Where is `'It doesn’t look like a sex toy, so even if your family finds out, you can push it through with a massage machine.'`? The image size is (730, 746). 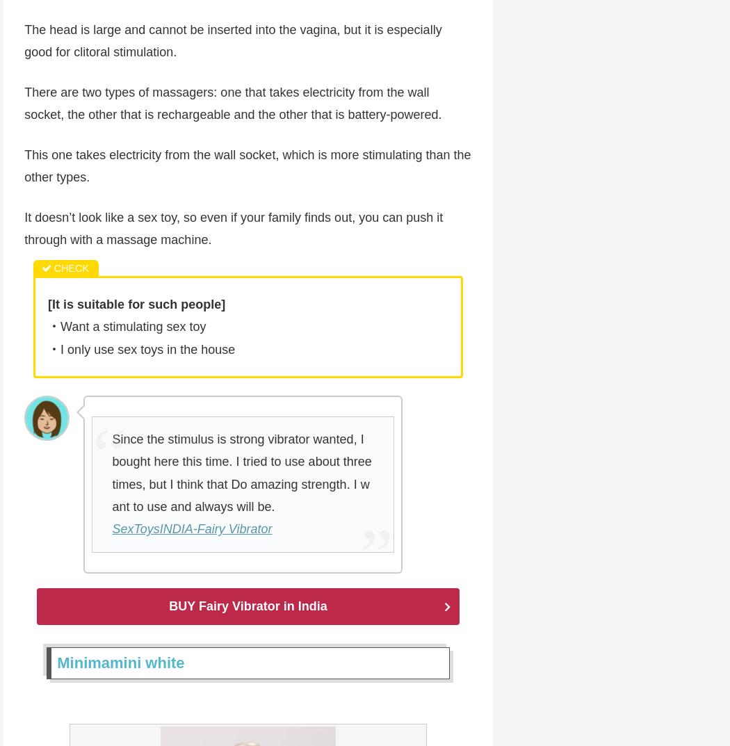
'It doesn’t look like a sex toy, so even if your family finds out, you can push it through with a massage machine.' is located at coordinates (234, 229).